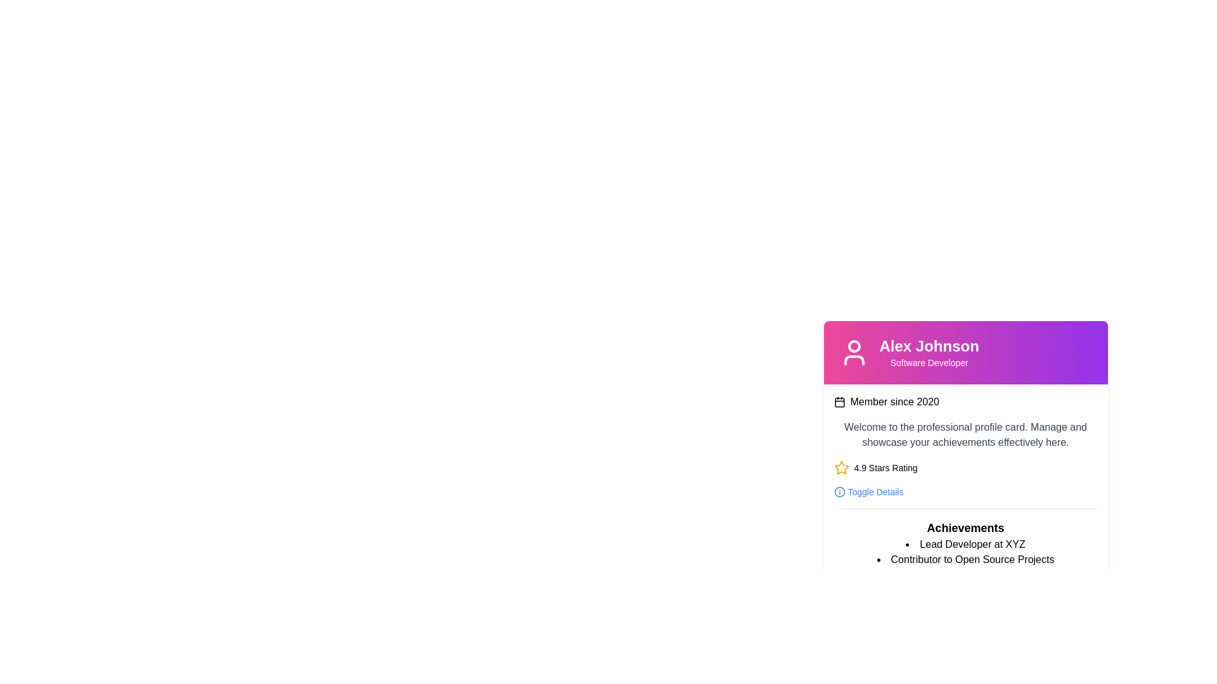 Image resolution: width=1217 pixels, height=684 pixels. Describe the element at coordinates (965, 544) in the screenshot. I see `the text element displaying 'Lead Developer at XYZ' in the 'Achievements' section, which is the first bullet point in the list` at that location.